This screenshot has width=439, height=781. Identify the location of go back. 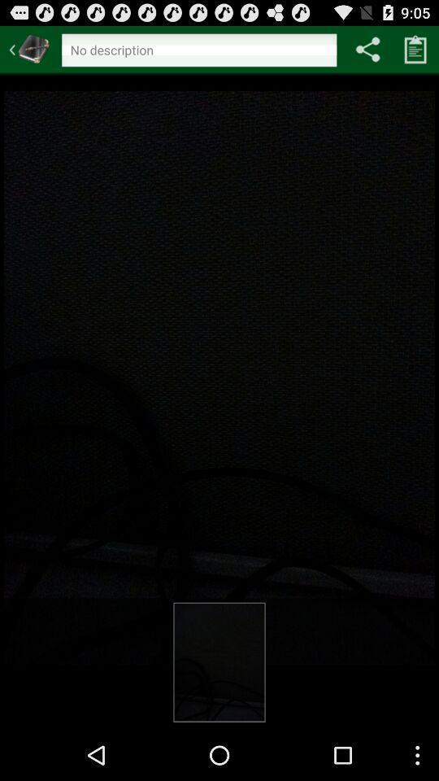
(29, 48).